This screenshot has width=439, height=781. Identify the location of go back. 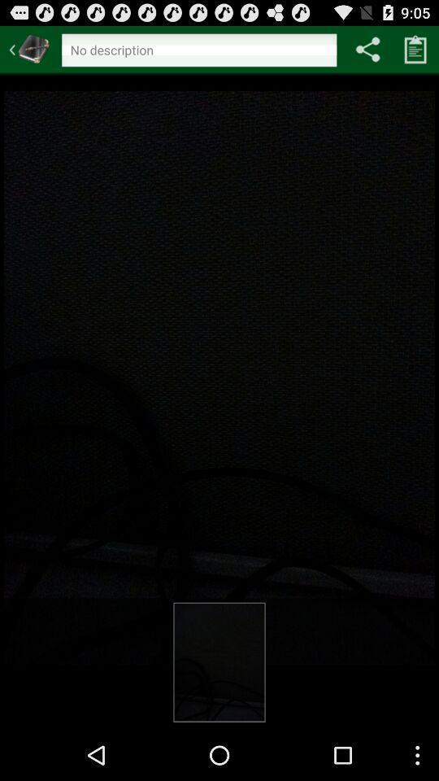
(29, 48).